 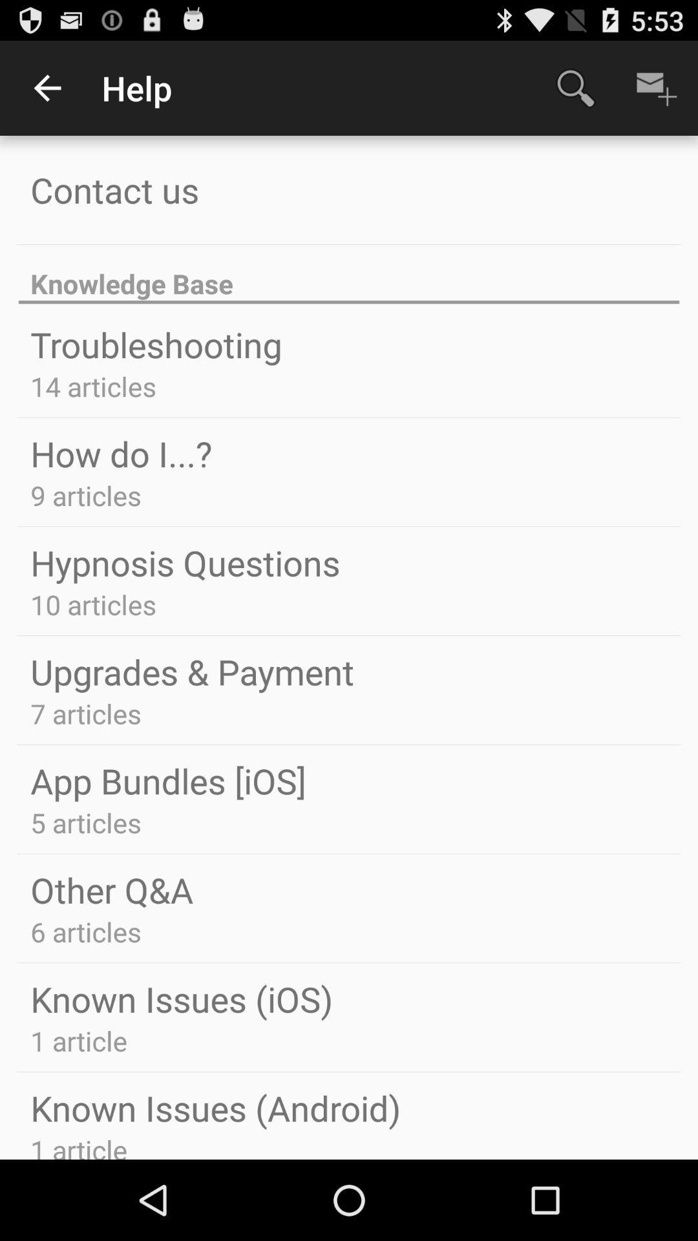 I want to click on the other q&a app, so click(x=111, y=889).